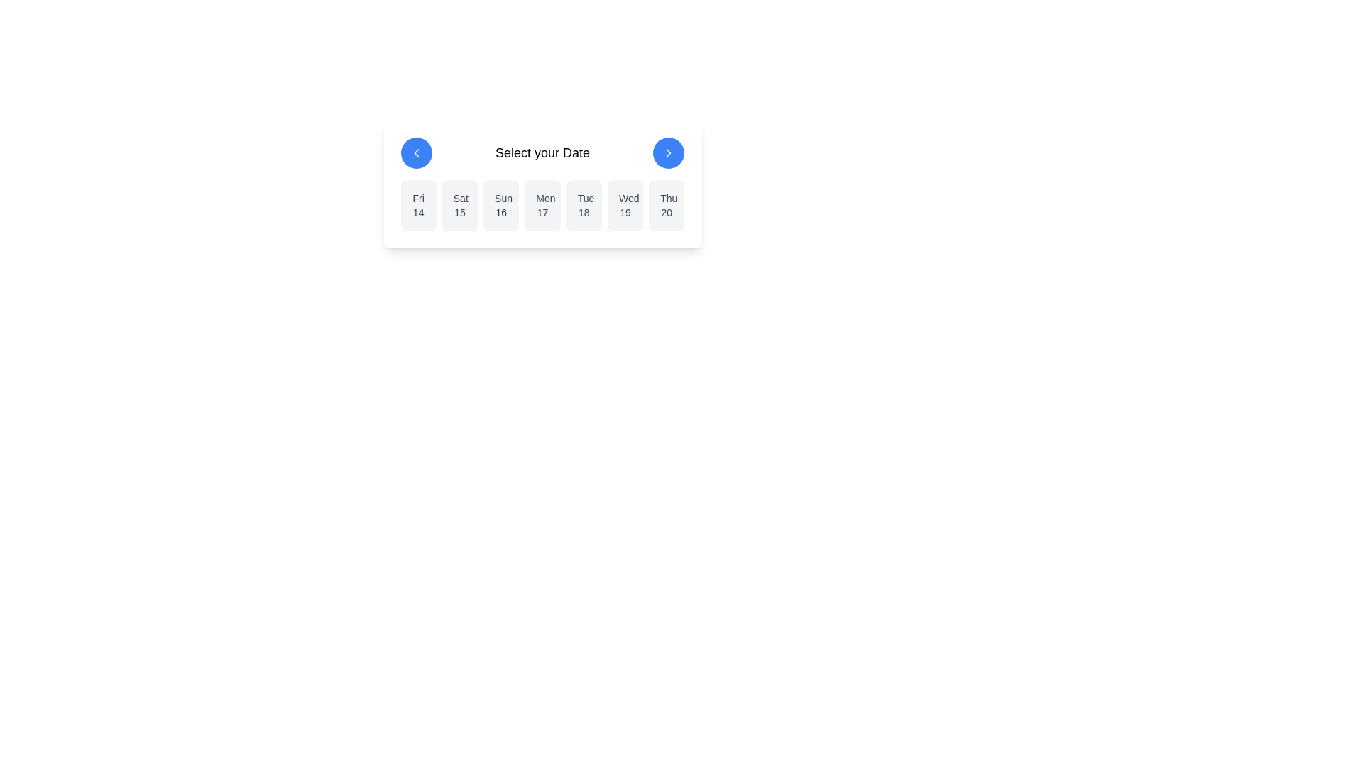 The width and height of the screenshot is (1363, 766). I want to click on a date in the Date Picker Widget, so click(542, 183).